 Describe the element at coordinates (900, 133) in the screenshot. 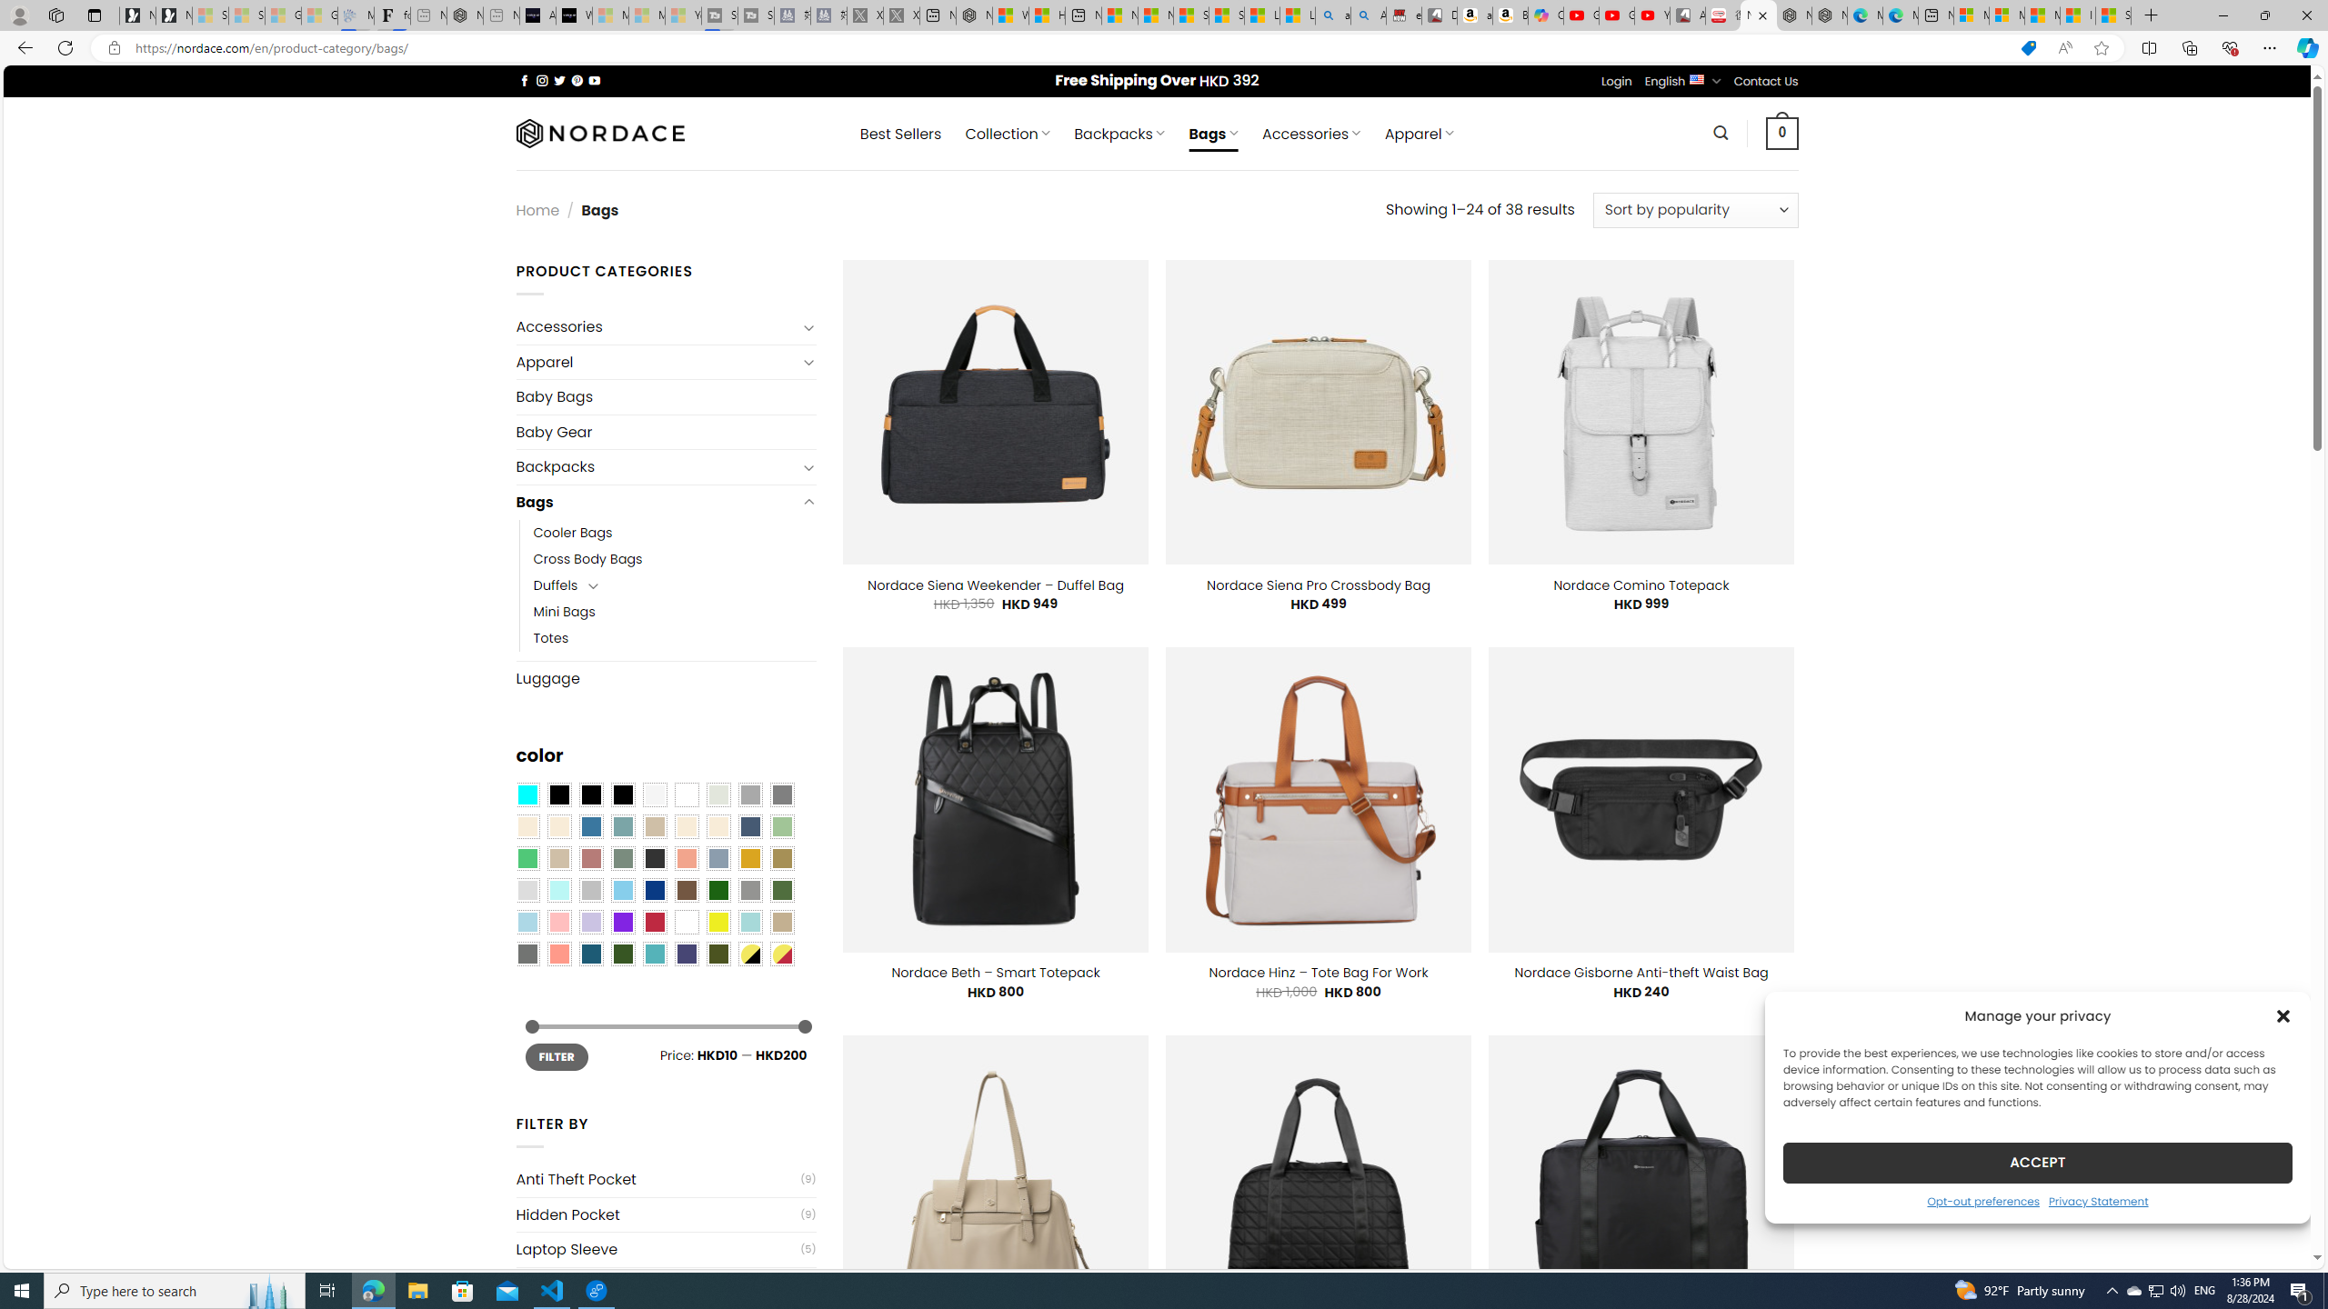

I see `'  Best Sellers'` at that location.